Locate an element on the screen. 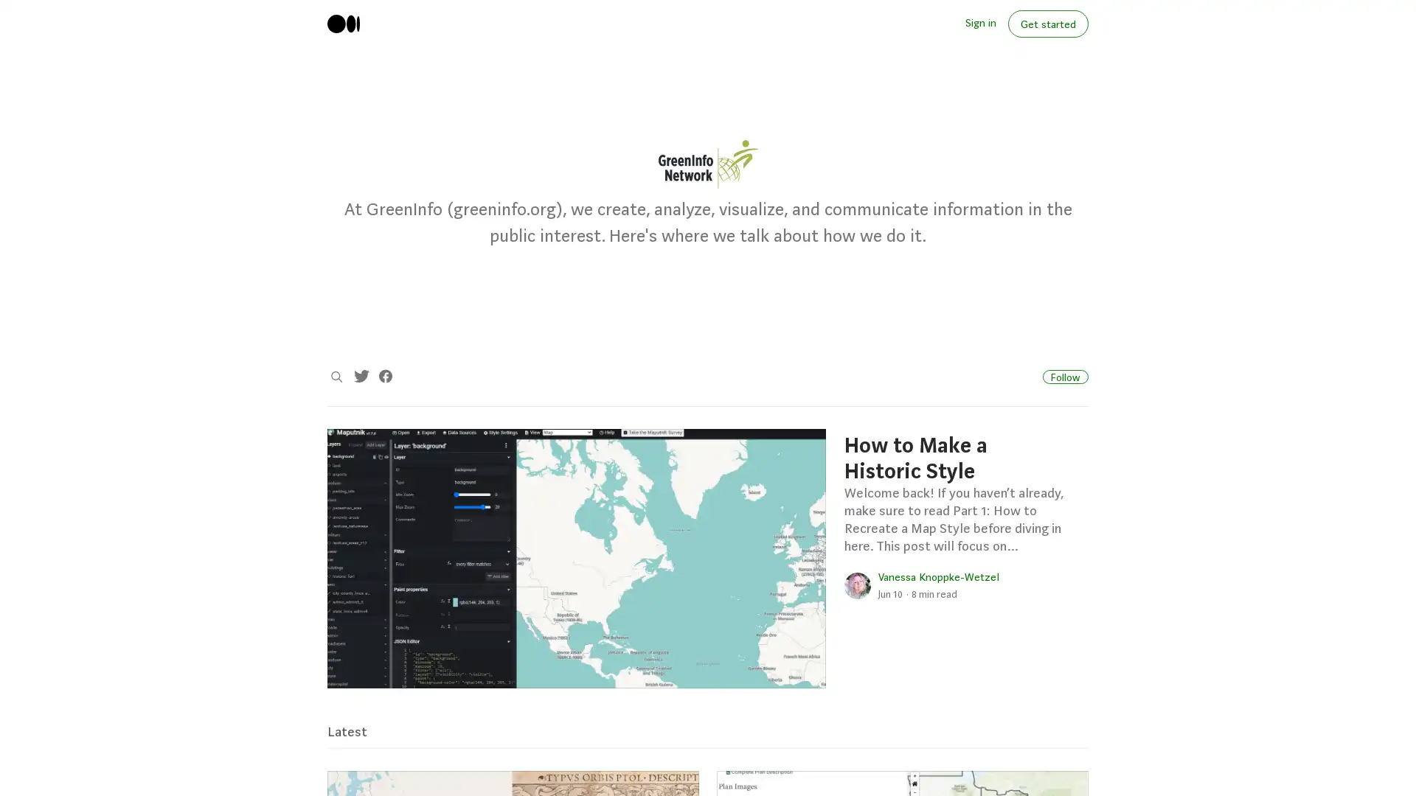 Image resolution: width=1416 pixels, height=796 pixels. Follow is located at coordinates (1065, 375).